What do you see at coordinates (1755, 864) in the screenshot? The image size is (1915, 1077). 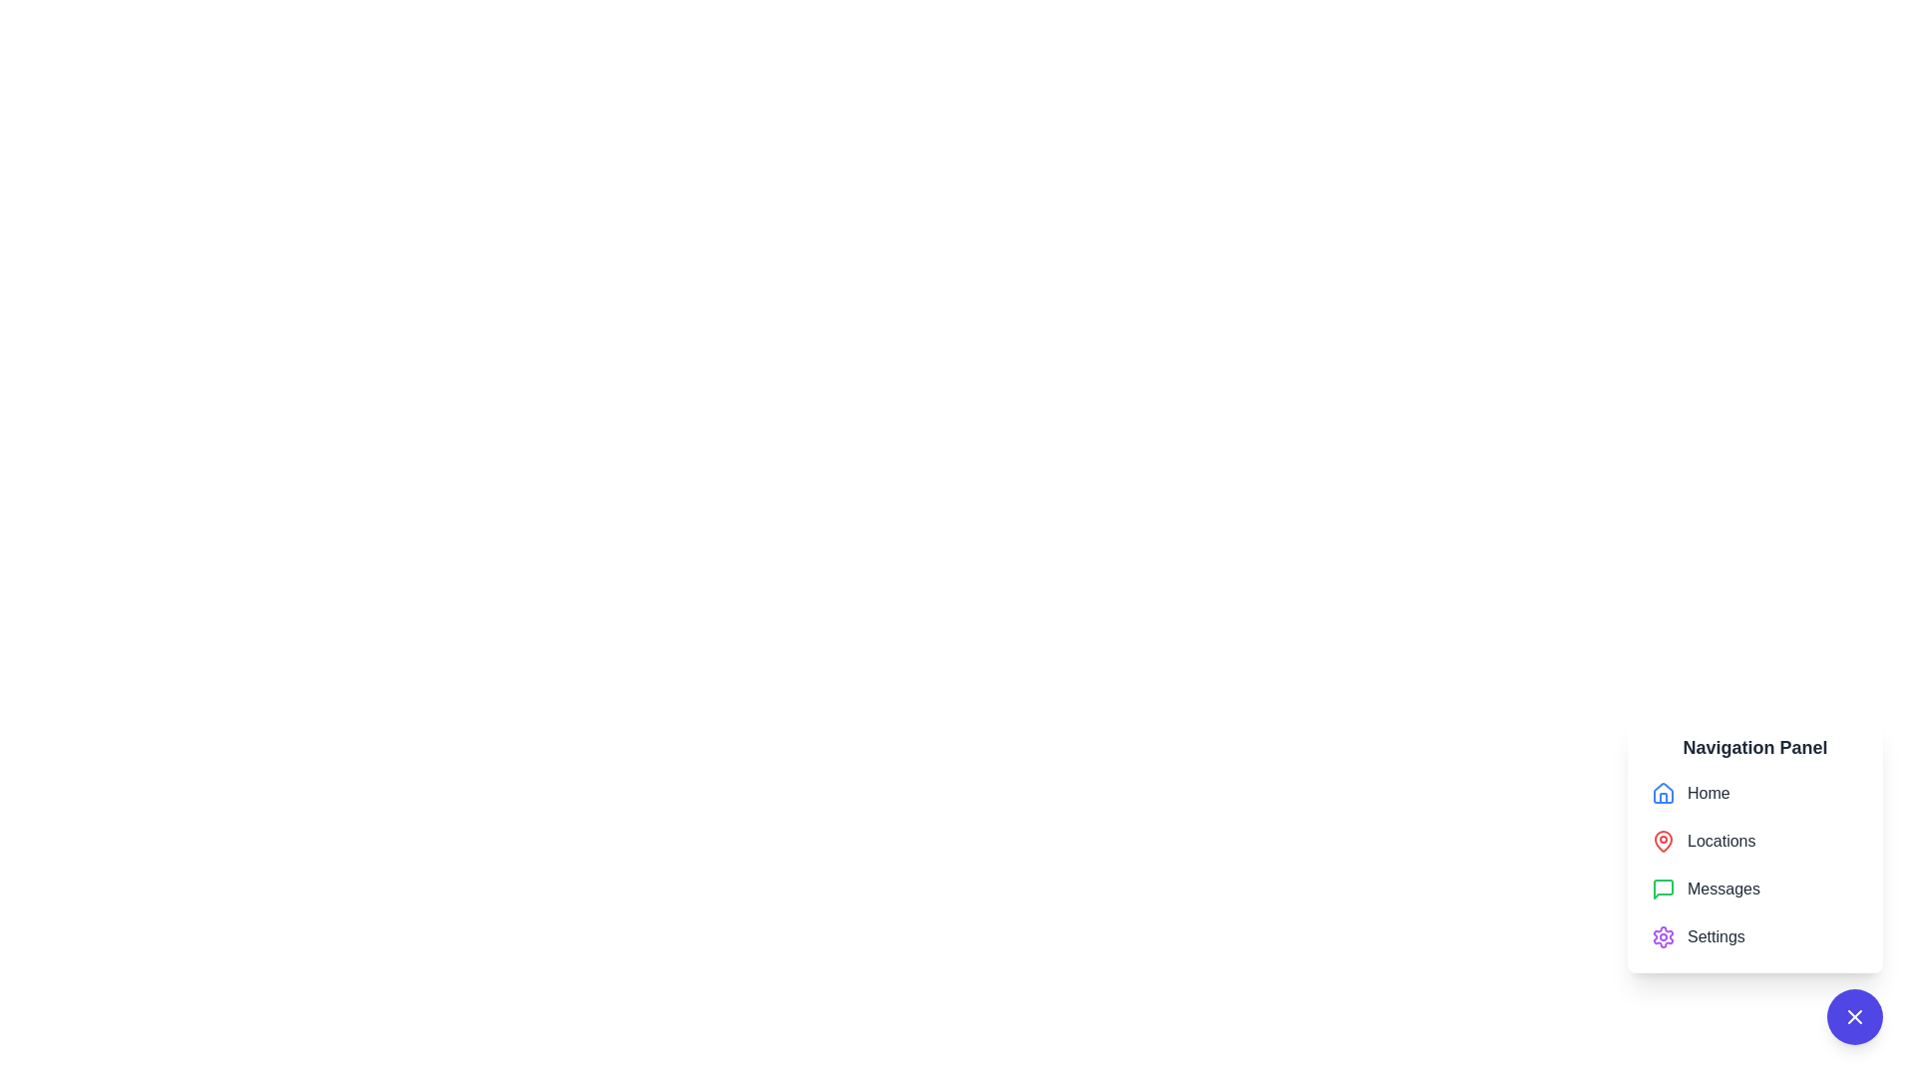 I see `the vertical navigation menu` at bounding box center [1755, 864].